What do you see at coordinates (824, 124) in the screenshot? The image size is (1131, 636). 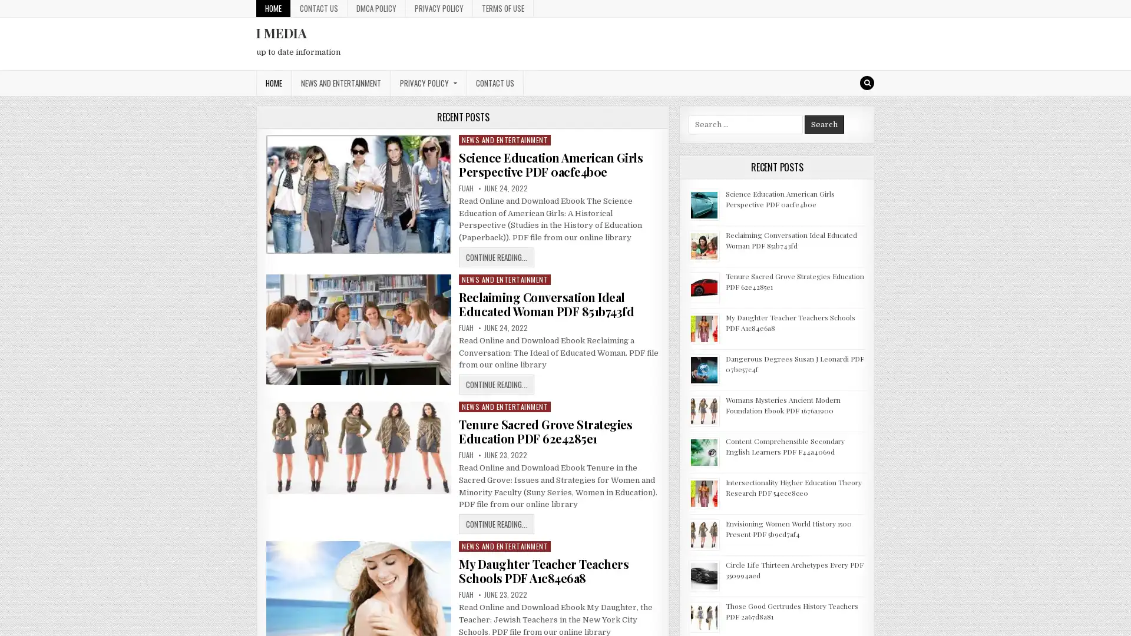 I see `Search` at bounding box center [824, 124].